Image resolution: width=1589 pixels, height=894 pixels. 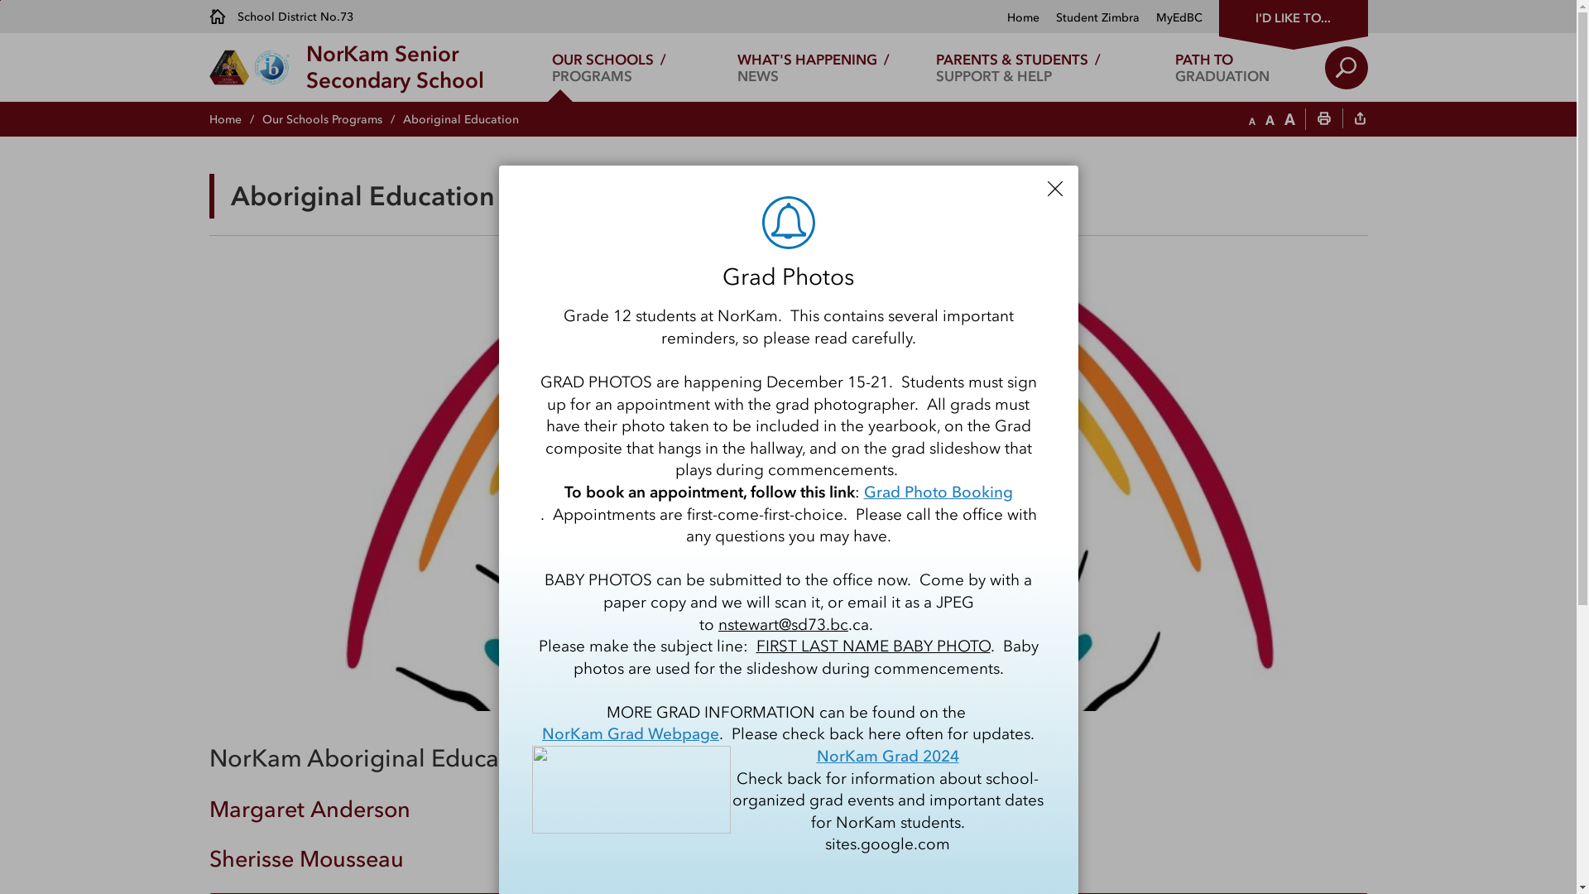 What do you see at coordinates (394, 66) in the screenshot?
I see `'NorKam Senior` at bounding box center [394, 66].